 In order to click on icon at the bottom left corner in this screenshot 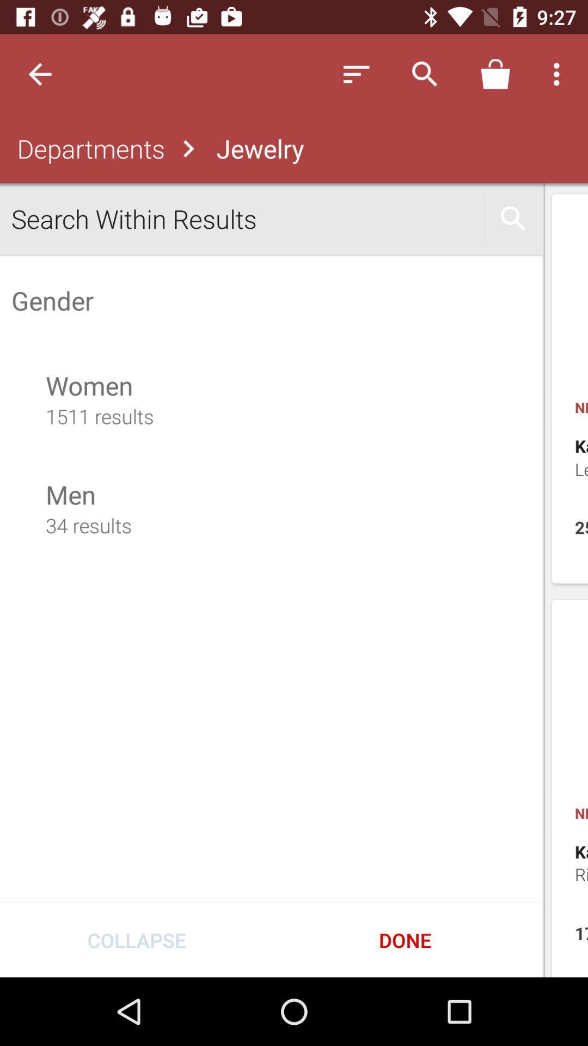, I will do `click(136, 939)`.